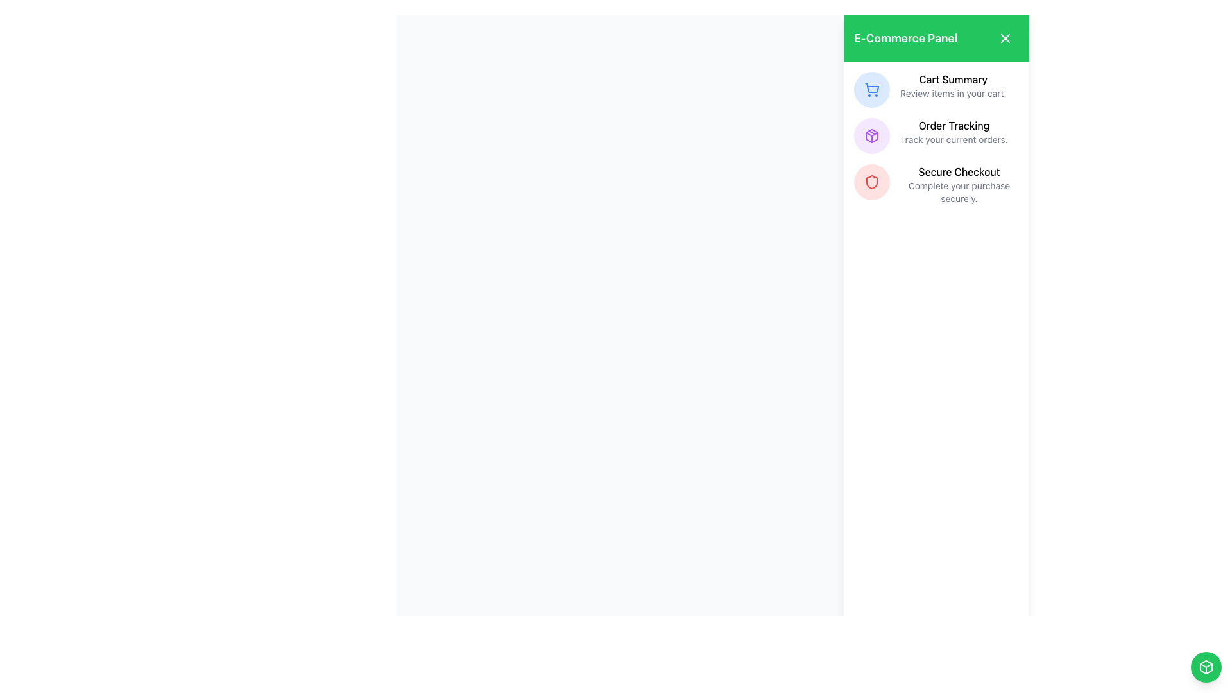 This screenshot has width=1232, height=693. What do you see at coordinates (1004, 38) in the screenshot?
I see `the 'X' icon in the top-right corner of the green header bar of the 'E-Commerce Panel'` at bounding box center [1004, 38].